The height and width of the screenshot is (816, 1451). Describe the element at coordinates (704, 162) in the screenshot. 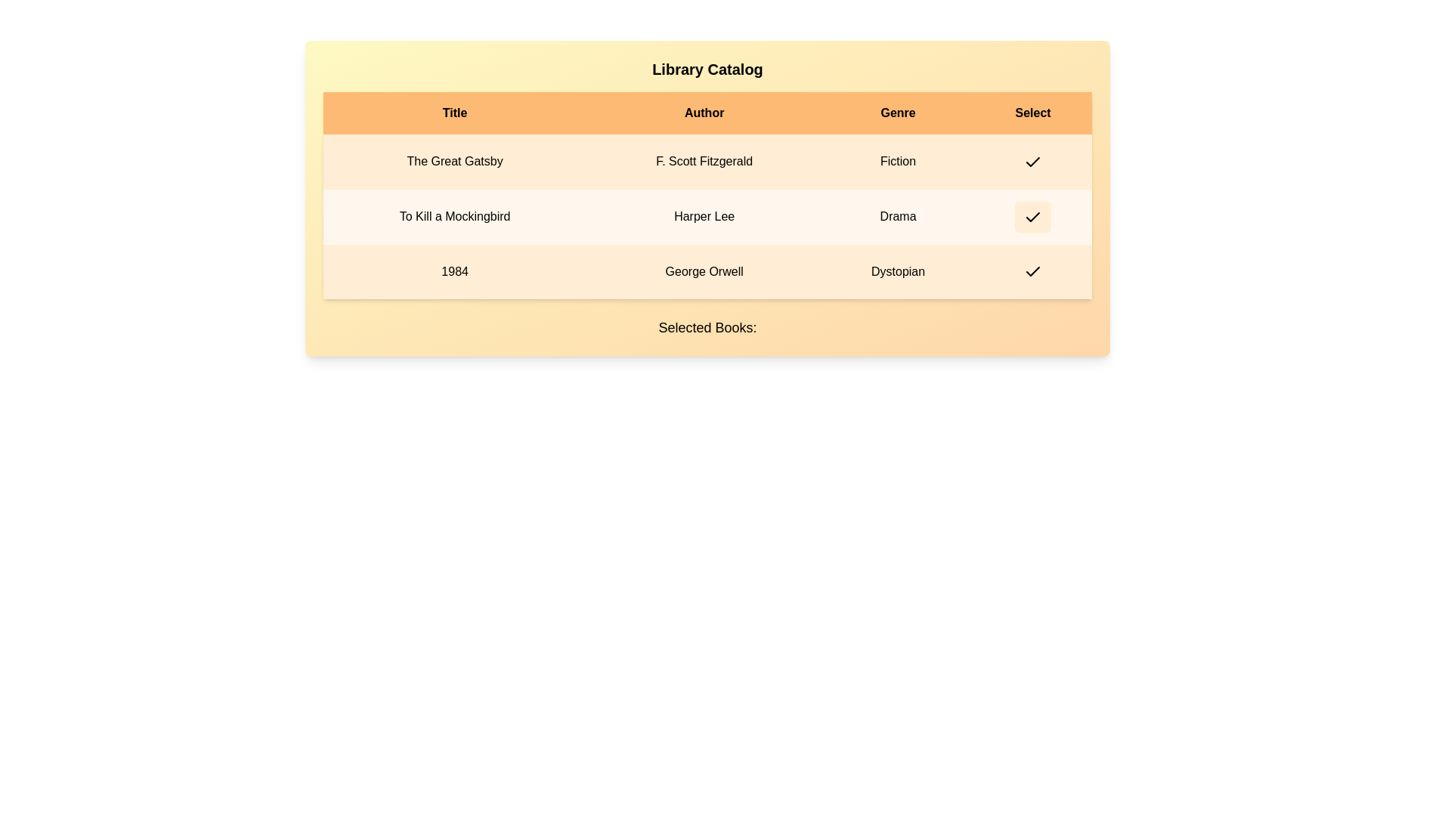

I see `the text element displaying 'F. Scott Fitzgerald' in black text against a light orange background, located in the second column of the first row of a table layout` at that location.